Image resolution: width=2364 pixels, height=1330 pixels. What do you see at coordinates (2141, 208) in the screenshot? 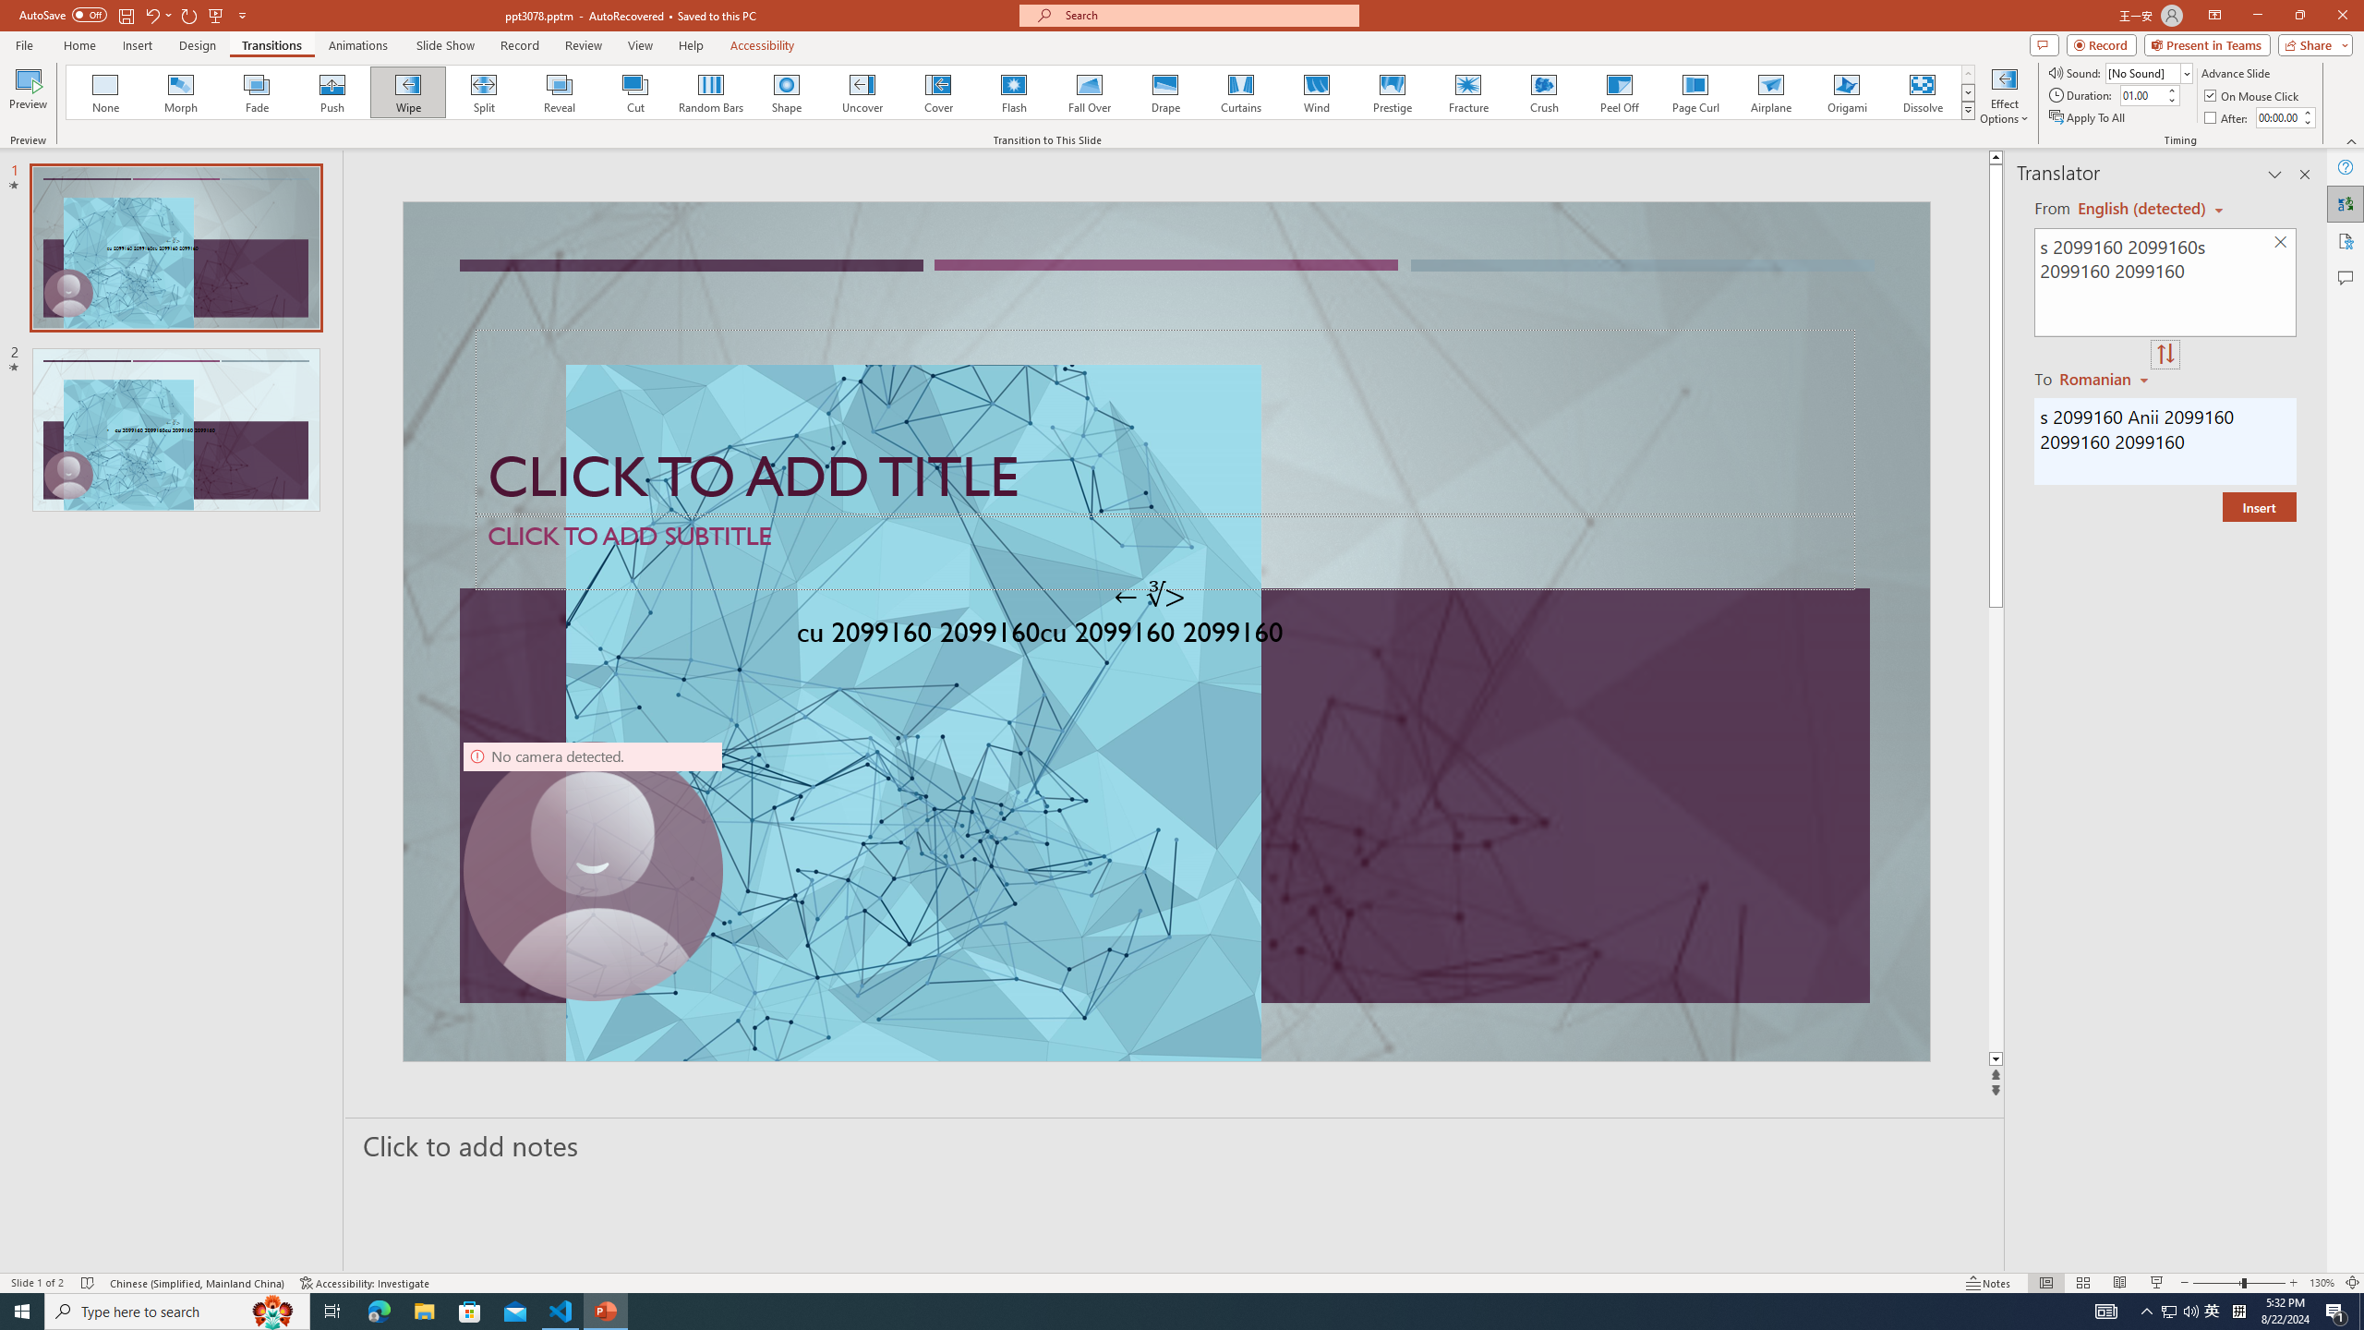
I see `'Czech (detected)'` at bounding box center [2141, 208].